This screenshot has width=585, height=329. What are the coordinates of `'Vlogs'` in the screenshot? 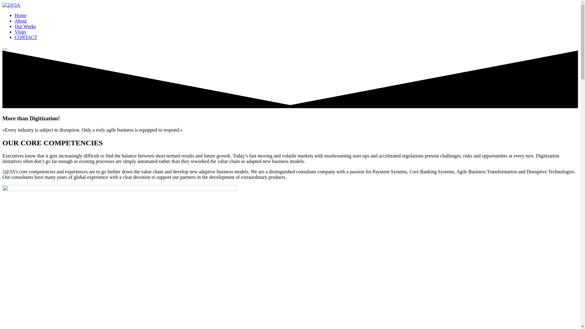 It's located at (20, 32).